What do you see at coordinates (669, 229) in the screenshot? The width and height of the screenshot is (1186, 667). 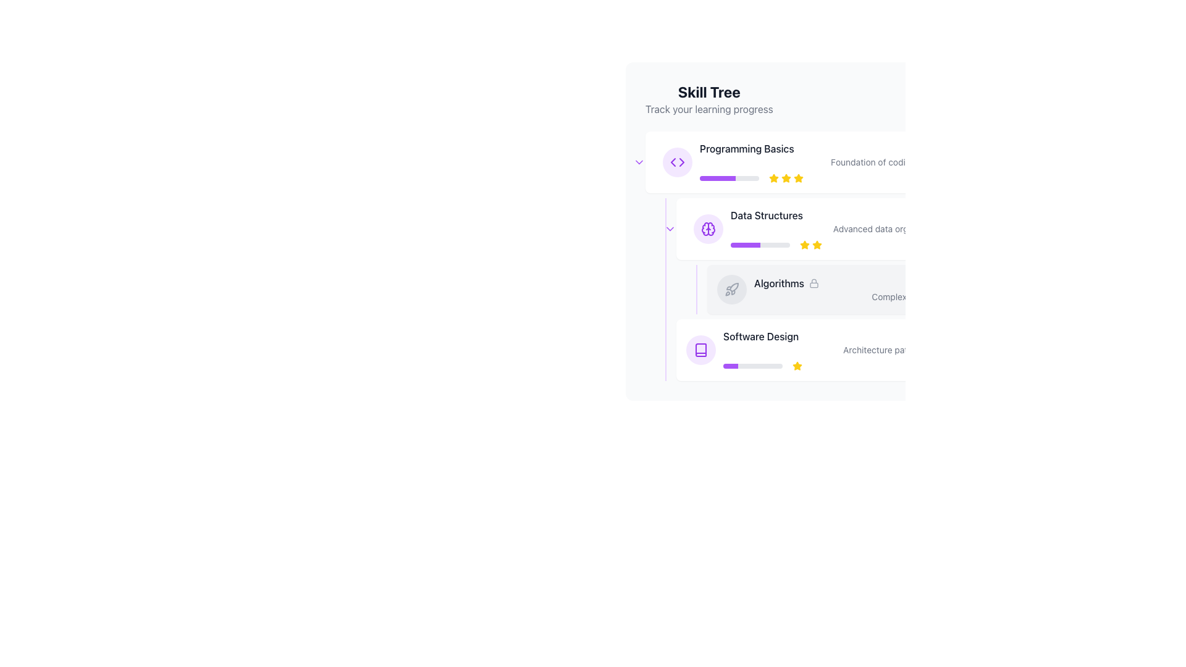 I see `the dropdown indicator` at bounding box center [669, 229].